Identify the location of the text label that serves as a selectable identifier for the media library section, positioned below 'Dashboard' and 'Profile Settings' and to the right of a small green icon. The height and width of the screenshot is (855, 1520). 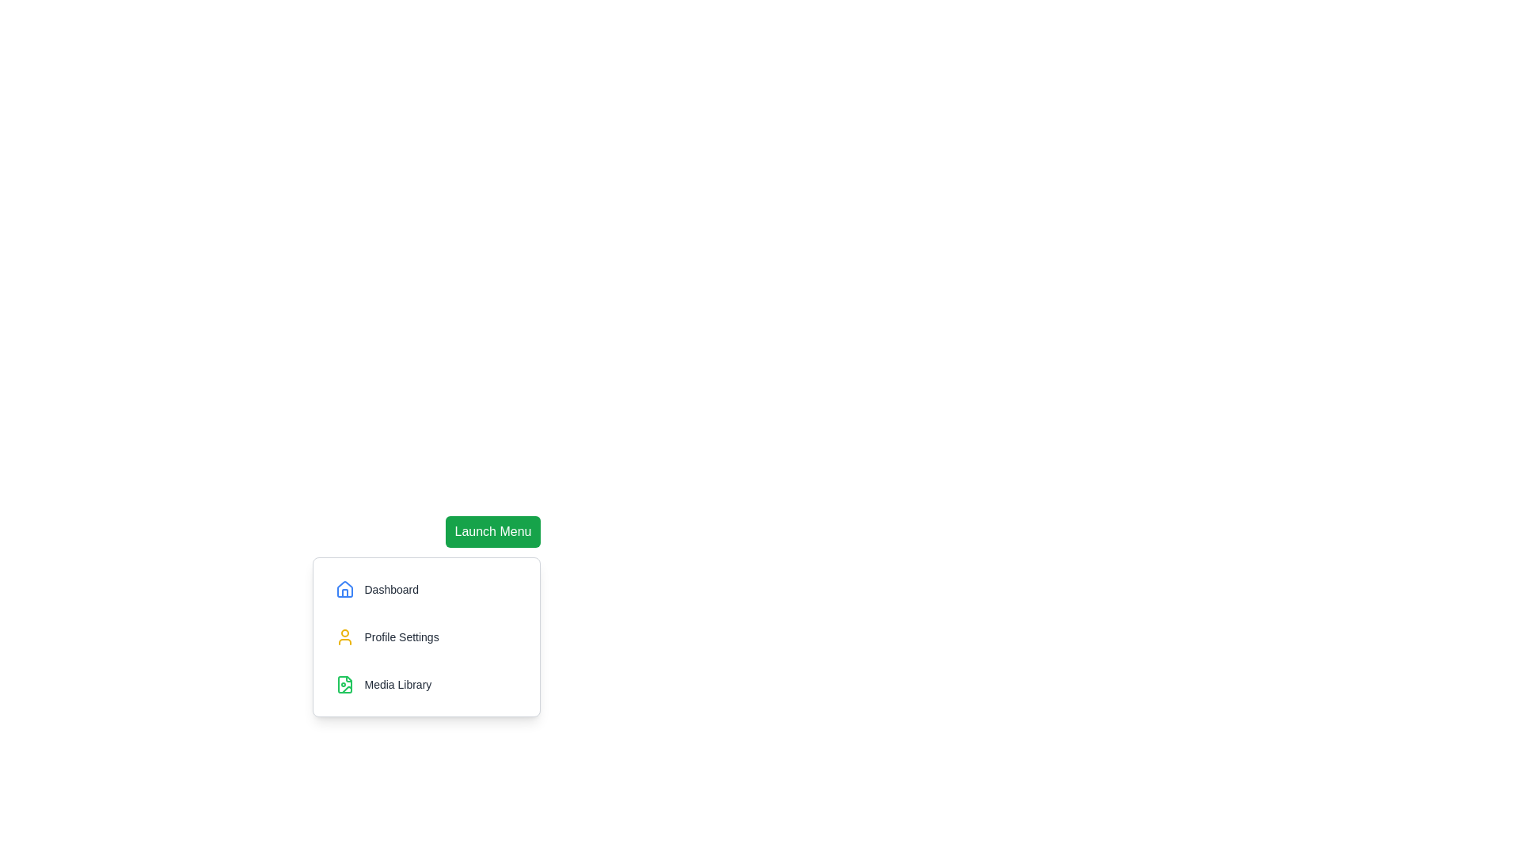
(397, 683).